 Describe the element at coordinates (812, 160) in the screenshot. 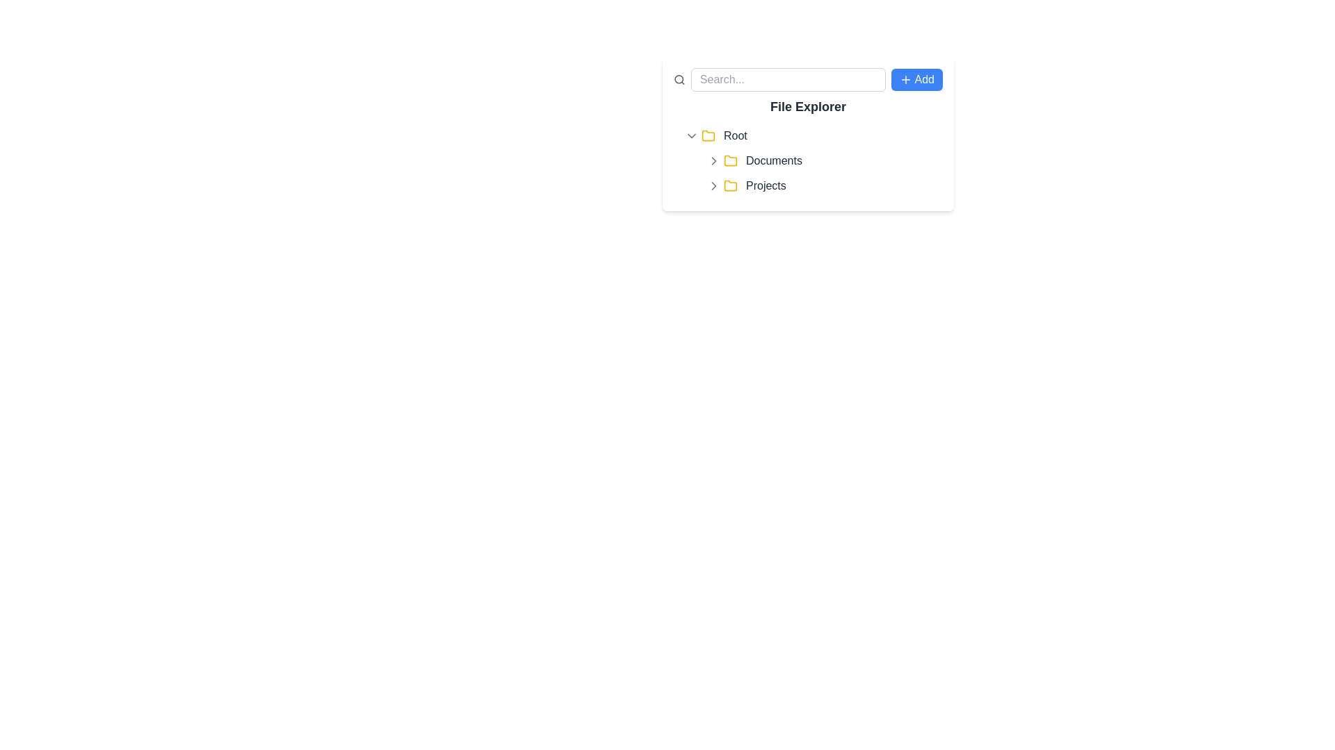

I see `the 'Documents' folder entry in the file explorer` at that location.